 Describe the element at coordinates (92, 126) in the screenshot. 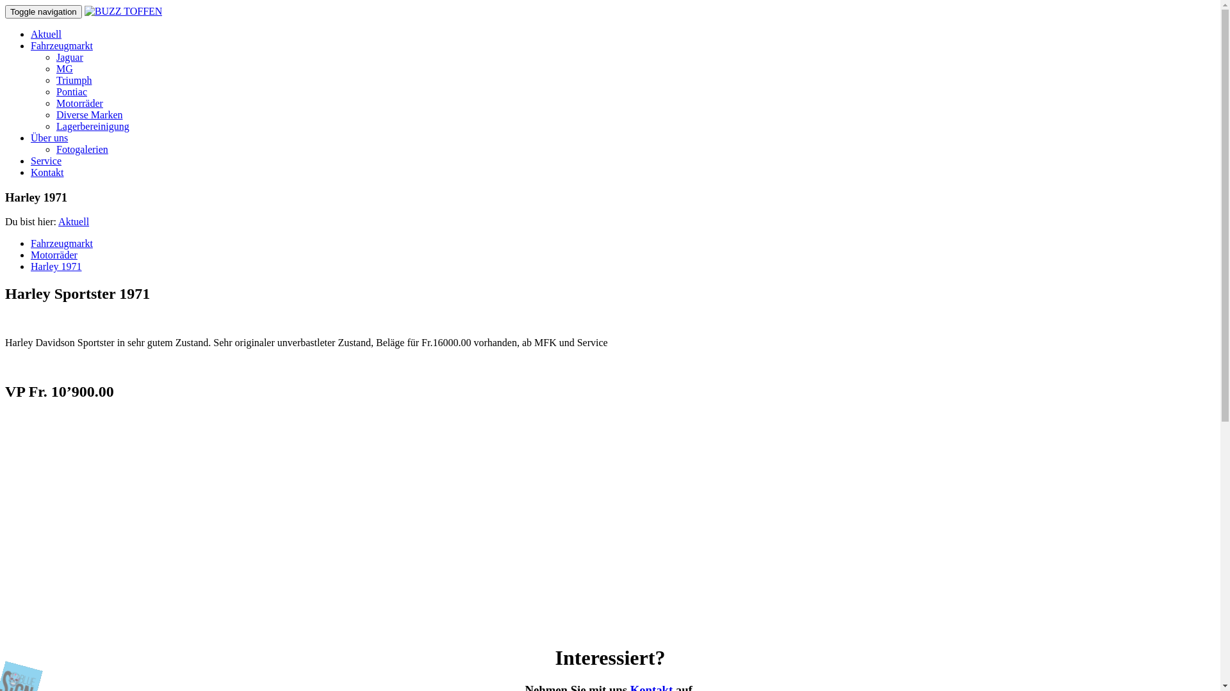

I see `'Lagerbereinigung'` at that location.